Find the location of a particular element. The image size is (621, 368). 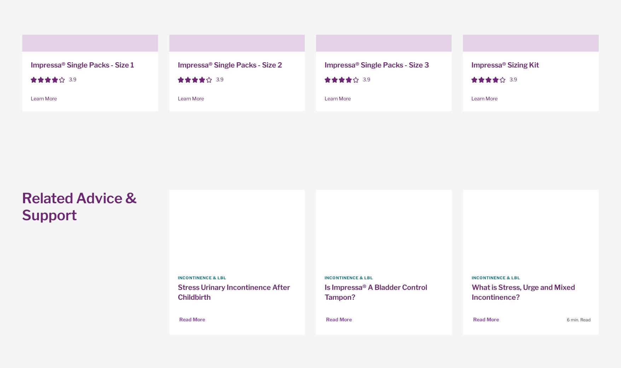

'Stress Urinary Incontinence After Childbirth' is located at coordinates (233, 292).